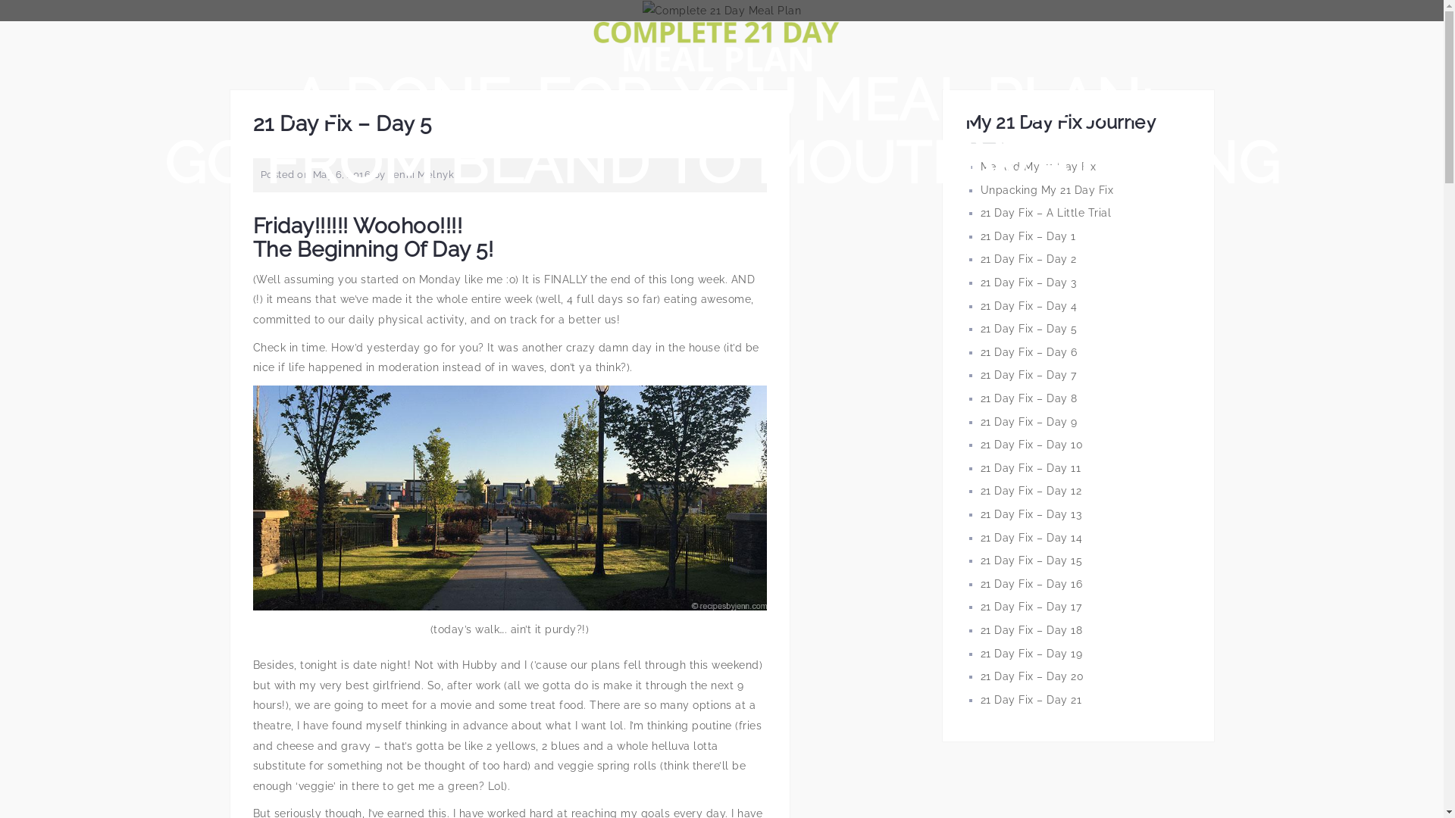  What do you see at coordinates (340, 173) in the screenshot?
I see `'May 6, 2016'` at bounding box center [340, 173].